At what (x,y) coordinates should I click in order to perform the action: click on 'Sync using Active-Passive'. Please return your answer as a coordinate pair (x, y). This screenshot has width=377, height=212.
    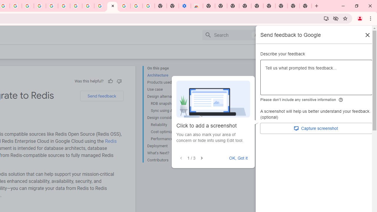
    Looking at the image, I should click on (172, 111).